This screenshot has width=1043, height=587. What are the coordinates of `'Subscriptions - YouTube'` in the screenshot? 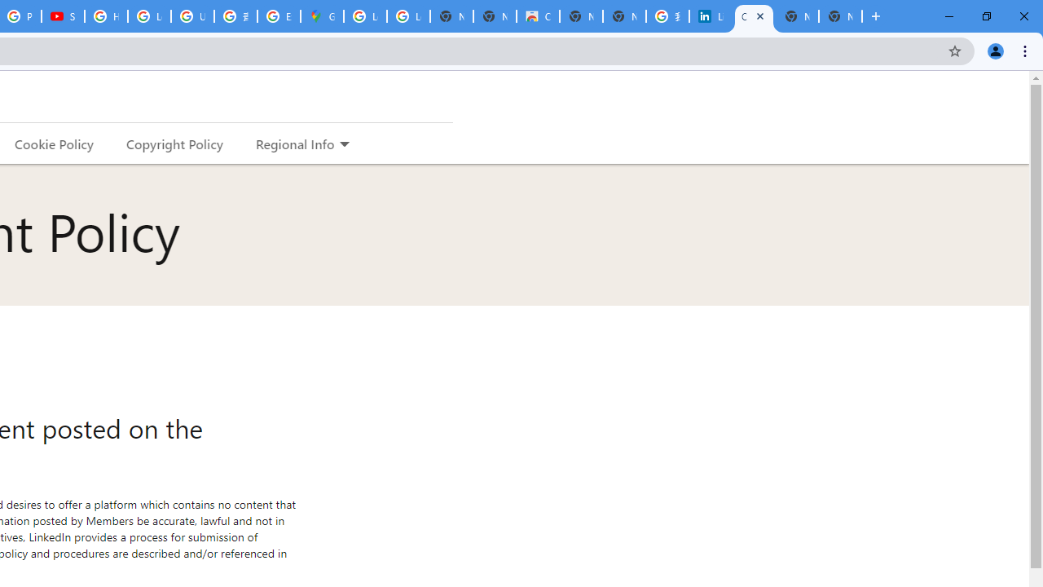 It's located at (63, 16).